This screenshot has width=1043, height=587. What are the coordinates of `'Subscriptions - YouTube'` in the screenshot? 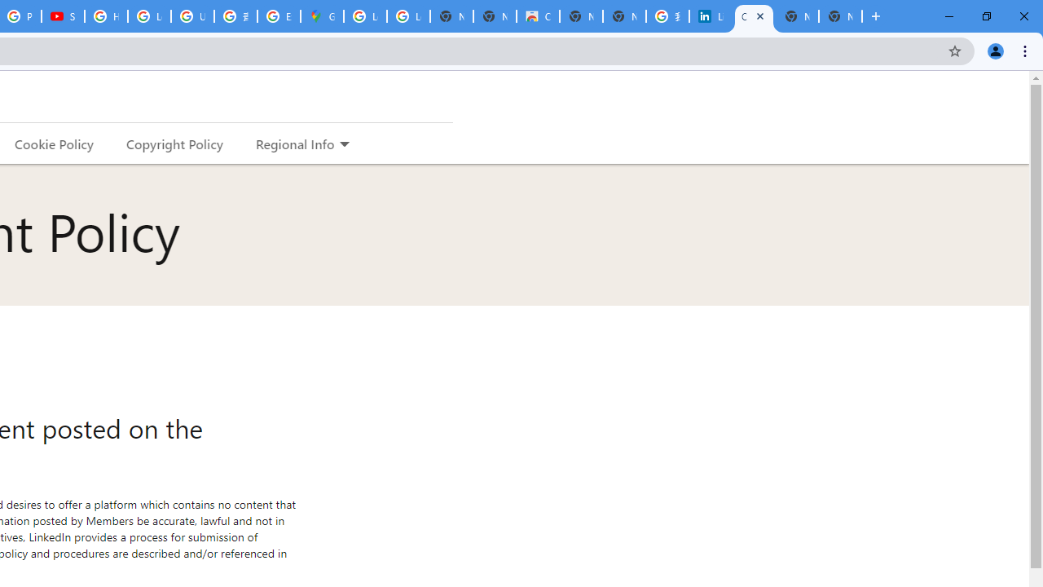 It's located at (63, 16).